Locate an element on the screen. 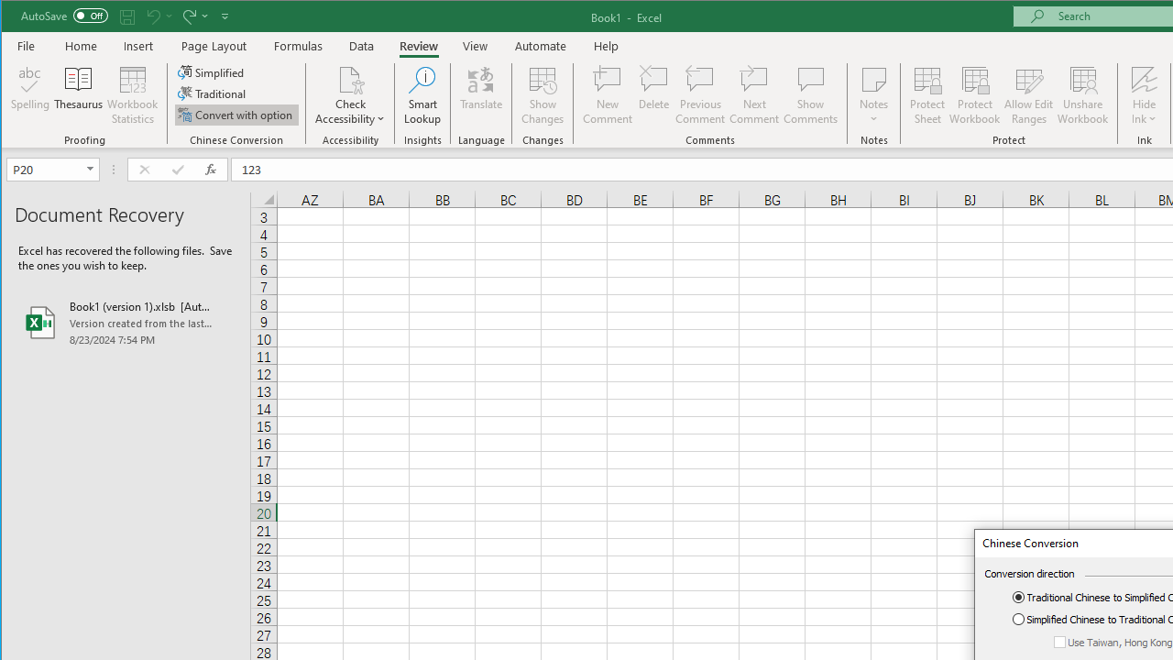 Image resolution: width=1173 pixels, height=660 pixels. 'Protect Sheet...' is located at coordinates (927, 95).